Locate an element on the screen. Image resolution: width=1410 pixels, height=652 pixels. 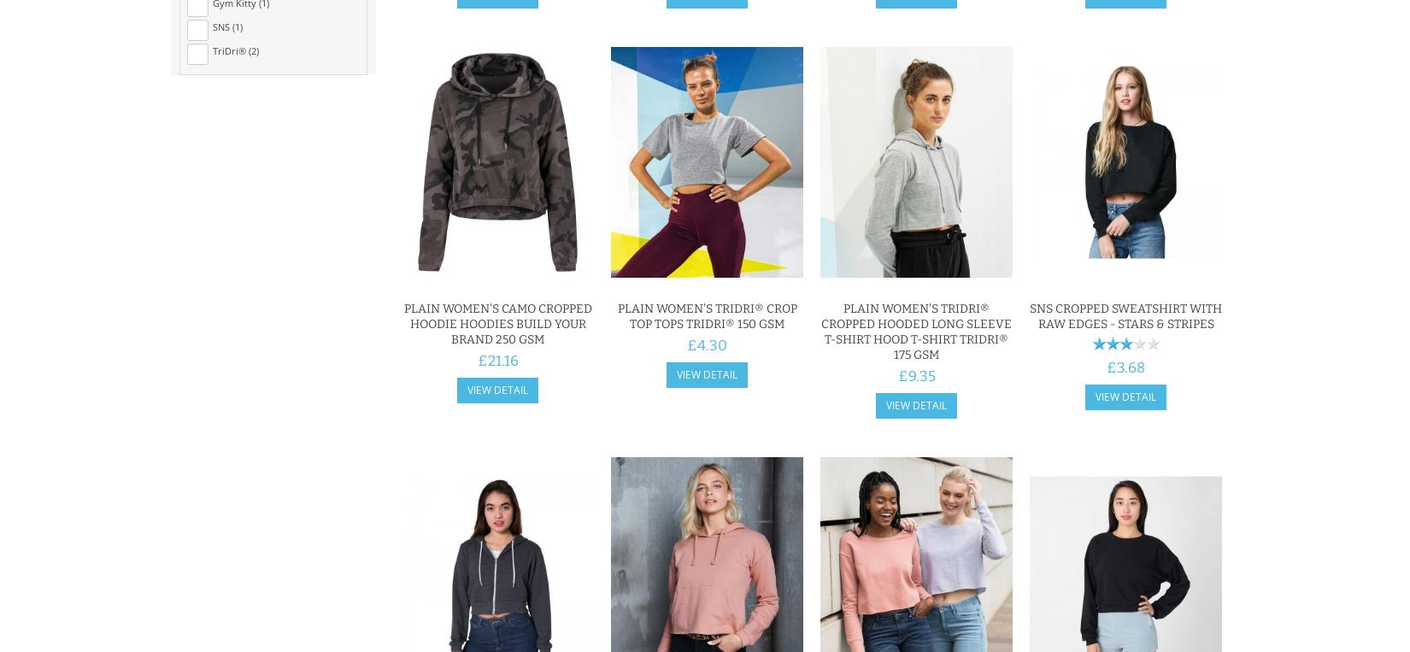
'Mulberry (2)' is located at coordinates (239, 175).